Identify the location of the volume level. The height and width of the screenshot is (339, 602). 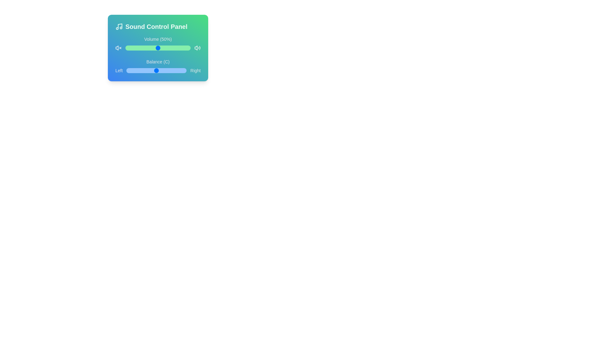
(147, 48).